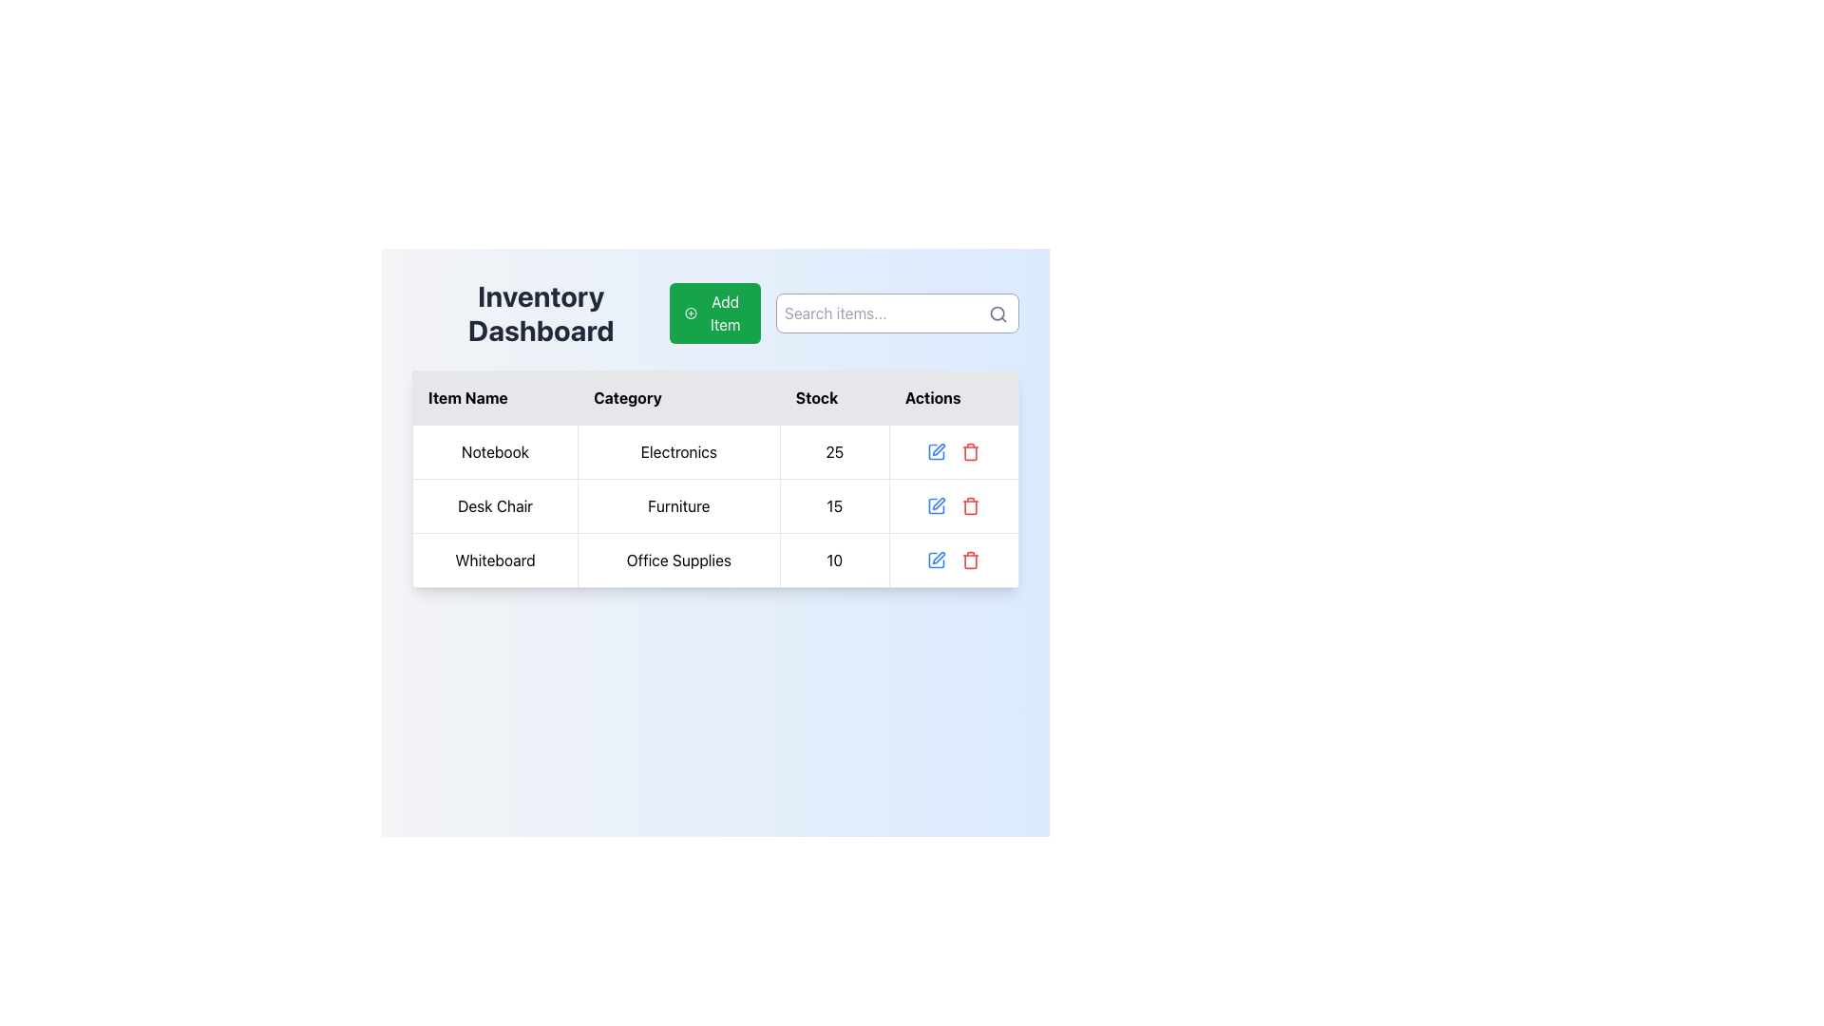 Image resolution: width=1824 pixels, height=1026 pixels. Describe the element at coordinates (678, 451) in the screenshot. I see `the text label displaying 'Electronics' in the second column of the first row of the data table` at that location.